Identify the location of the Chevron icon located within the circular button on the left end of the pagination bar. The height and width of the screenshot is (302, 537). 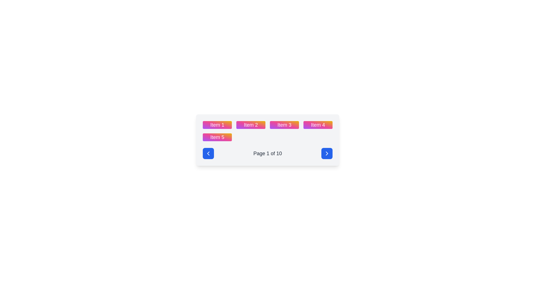
(208, 153).